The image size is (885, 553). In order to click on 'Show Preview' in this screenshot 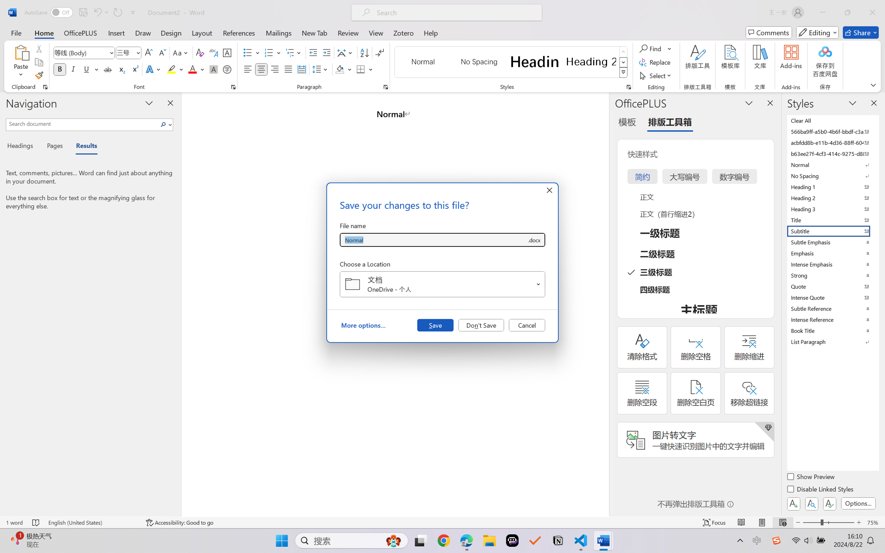, I will do `click(811, 477)`.